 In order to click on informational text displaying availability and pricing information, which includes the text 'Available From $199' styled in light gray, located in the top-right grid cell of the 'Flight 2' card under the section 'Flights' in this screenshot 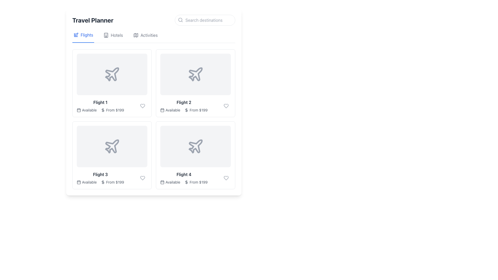, I will do `click(184, 110)`.